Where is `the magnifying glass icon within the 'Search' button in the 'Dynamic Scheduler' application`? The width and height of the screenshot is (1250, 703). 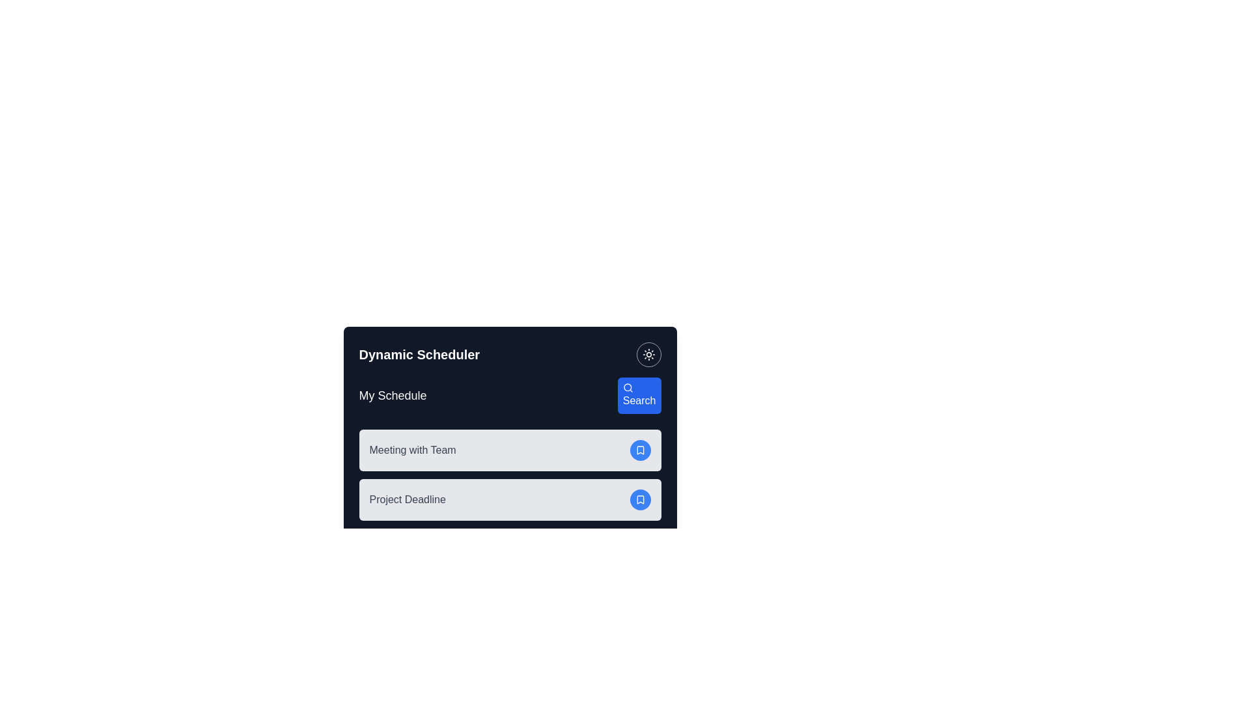
the magnifying glass icon within the 'Search' button in the 'Dynamic Scheduler' application is located at coordinates (628, 387).